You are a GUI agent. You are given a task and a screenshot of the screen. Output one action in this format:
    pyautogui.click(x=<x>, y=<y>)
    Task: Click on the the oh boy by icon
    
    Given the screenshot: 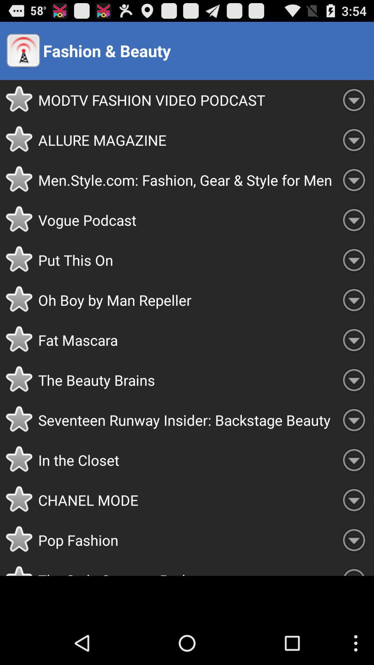 What is the action you would take?
    pyautogui.click(x=186, y=300)
    